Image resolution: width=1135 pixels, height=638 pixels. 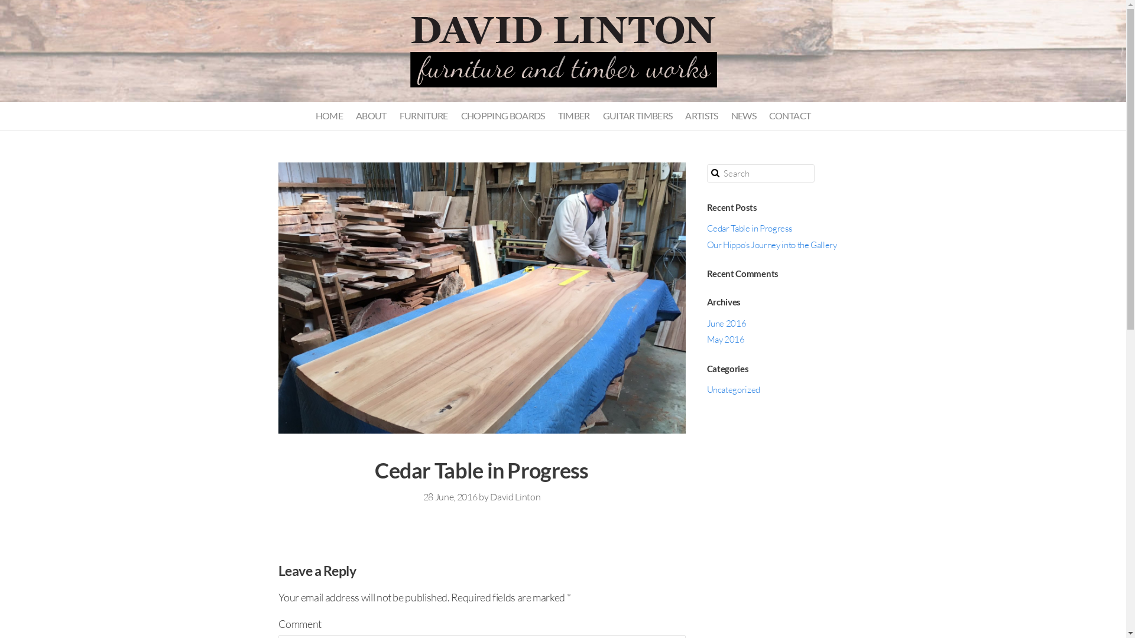 I want to click on 'June 2016', so click(x=726, y=323).